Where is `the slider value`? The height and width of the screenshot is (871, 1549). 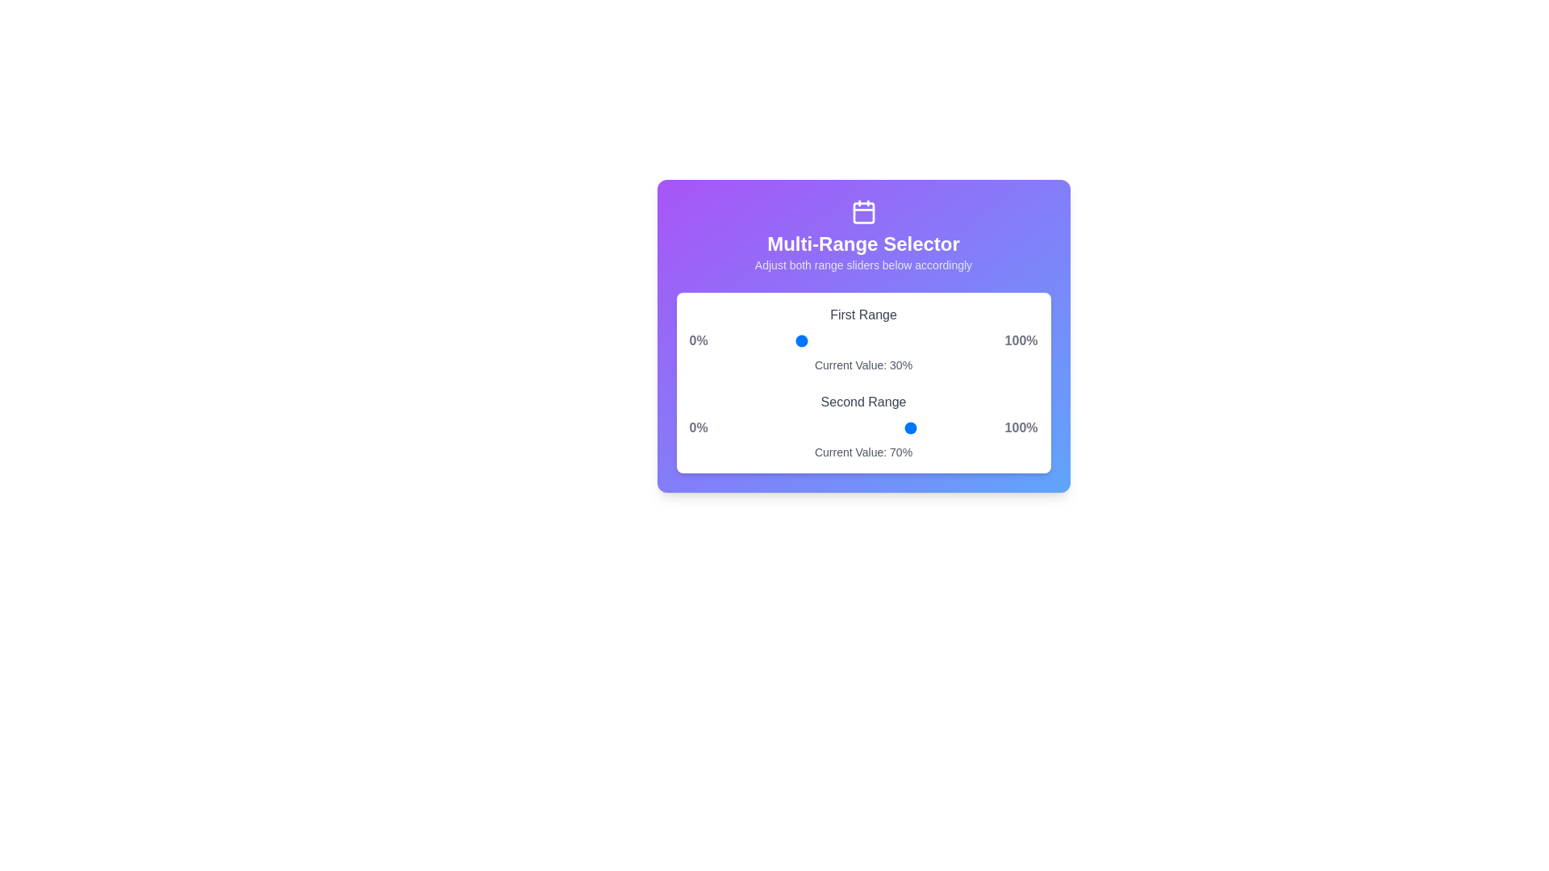 the slider value is located at coordinates (724, 340).